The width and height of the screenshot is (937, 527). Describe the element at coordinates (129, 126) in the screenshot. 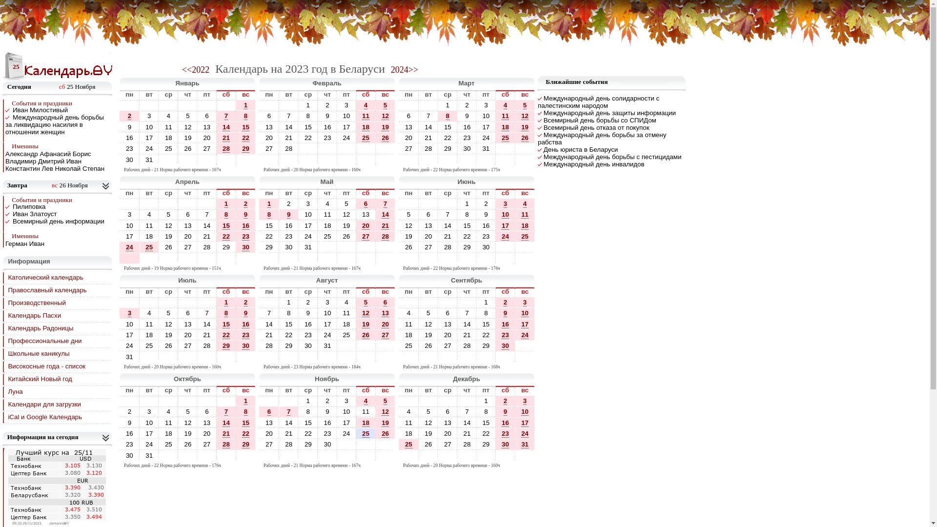

I see `'9'` at that location.